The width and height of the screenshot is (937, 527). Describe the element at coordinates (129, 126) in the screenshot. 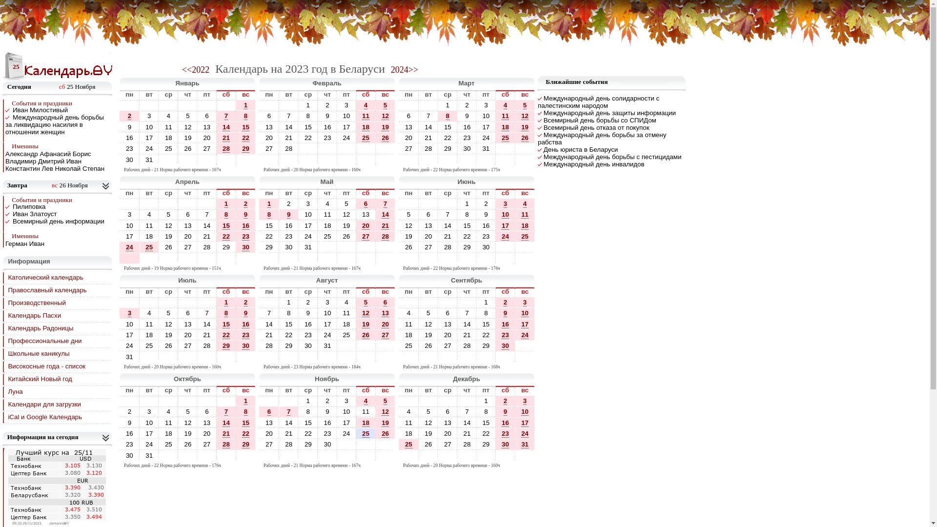

I see `'9'` at that location.